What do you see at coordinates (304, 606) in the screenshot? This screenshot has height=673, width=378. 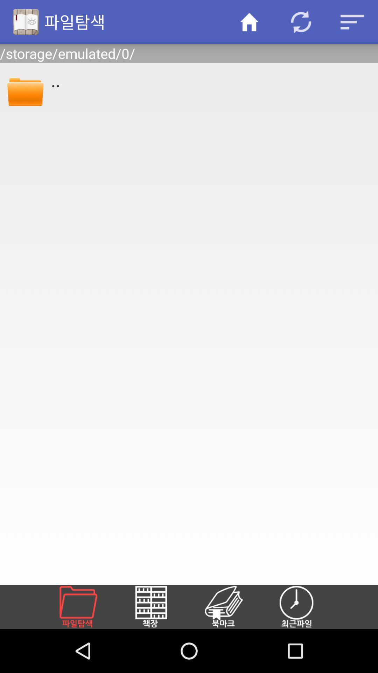 I see `the icon below ..` at bounding box center [304, 606].